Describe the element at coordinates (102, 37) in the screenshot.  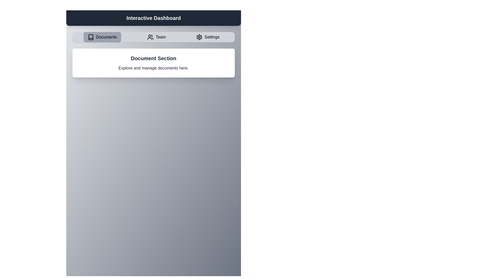
I see `the button located at the top left of the navigation bar` at that location.